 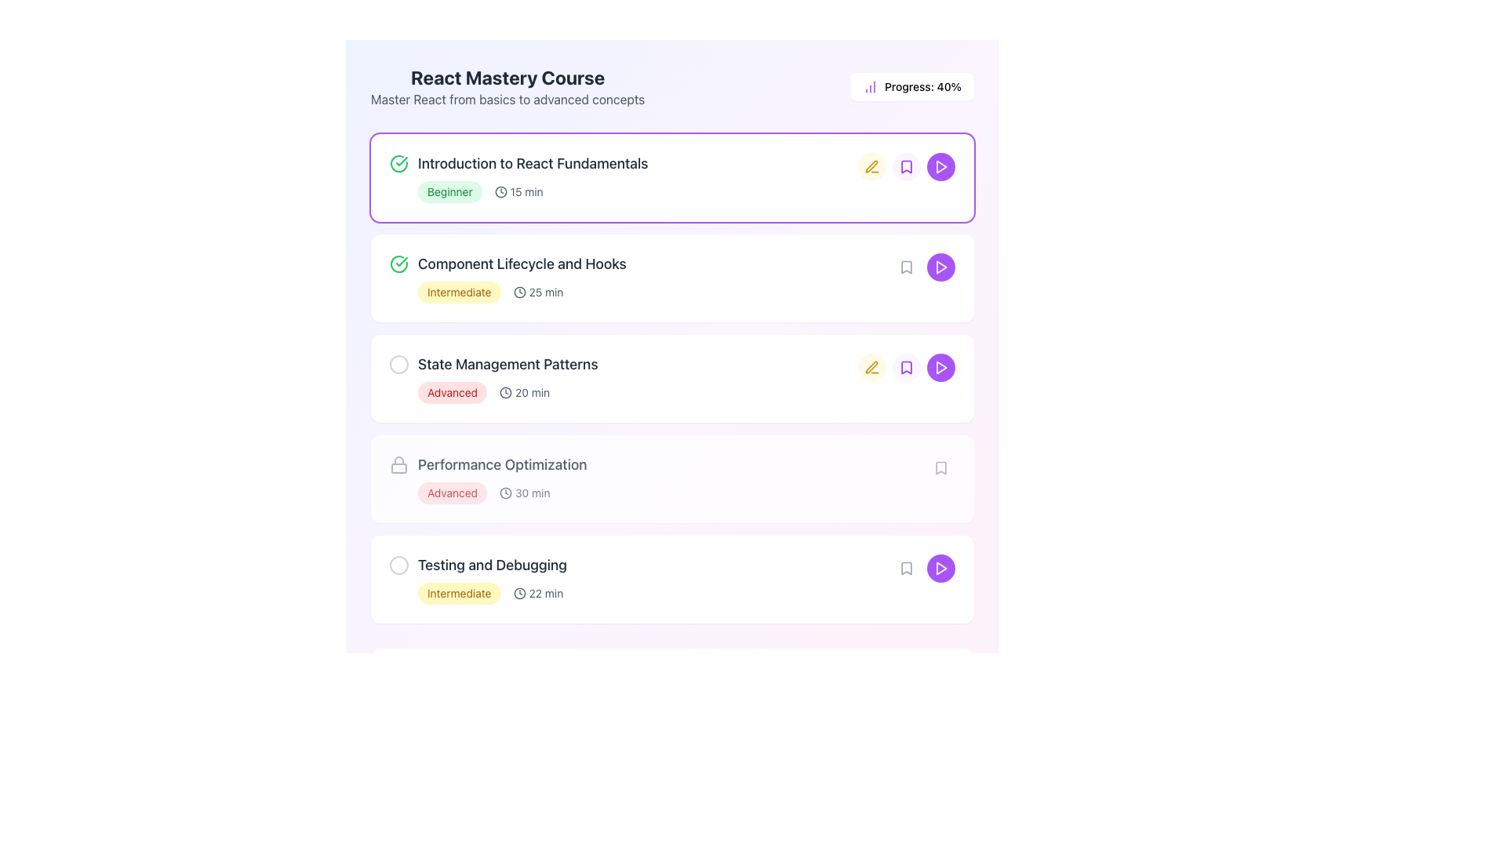 I want to click on the heading 'React Mastery Course' which is styled in bold, large dark gray font at the top of the page, above the subtitle, so click(x=507, y=78).